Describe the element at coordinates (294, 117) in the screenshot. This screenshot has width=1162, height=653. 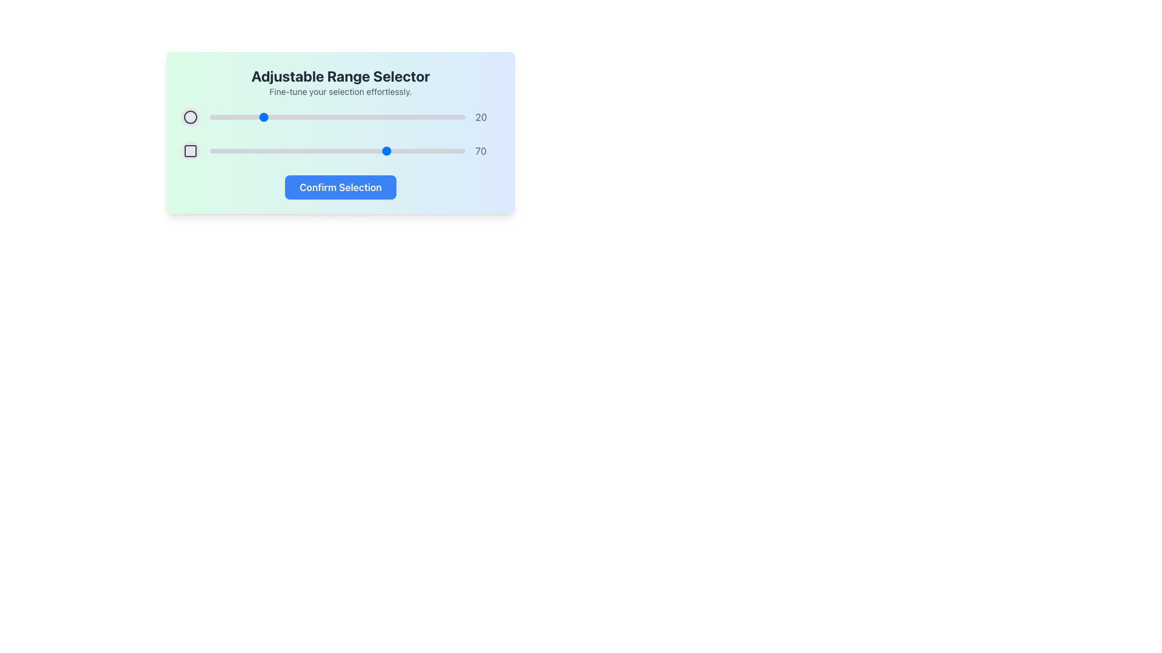
I see `slider` at that location.